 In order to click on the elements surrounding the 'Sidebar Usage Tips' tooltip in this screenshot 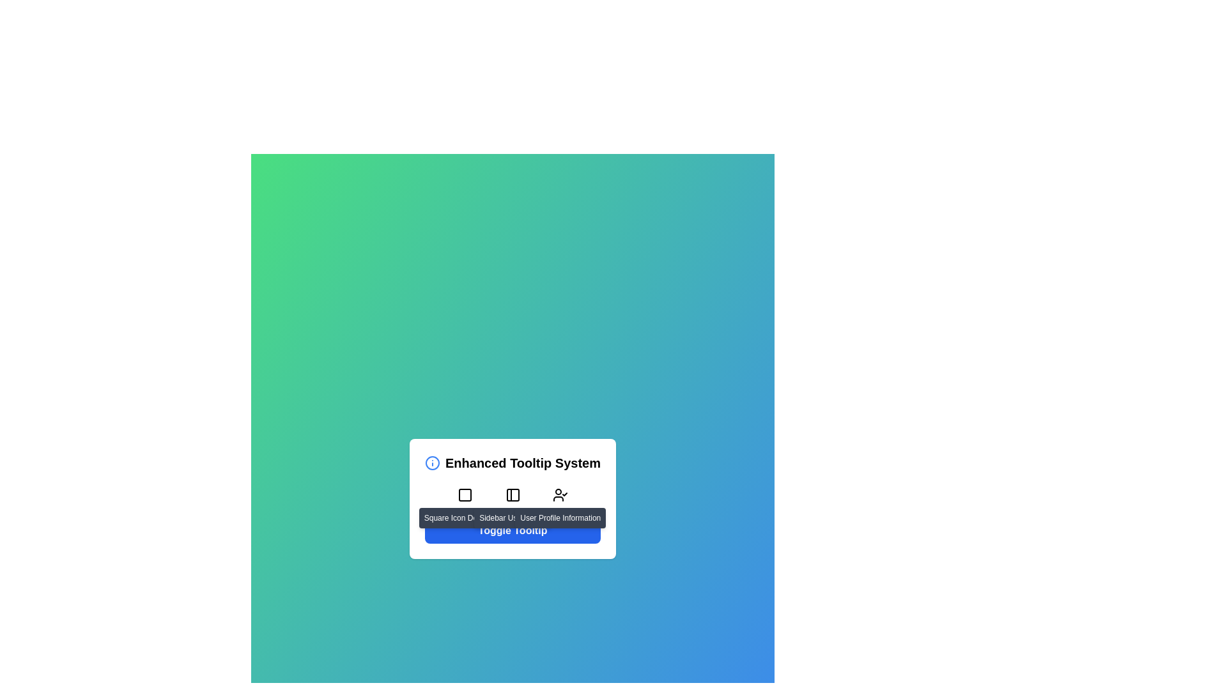, I will do `click(513, 517)`.